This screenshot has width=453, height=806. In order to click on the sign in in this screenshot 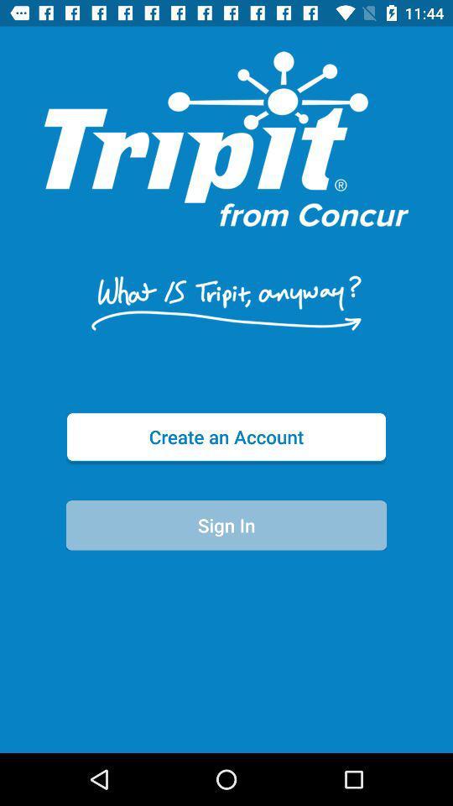, I will do `click(226, 524)`.